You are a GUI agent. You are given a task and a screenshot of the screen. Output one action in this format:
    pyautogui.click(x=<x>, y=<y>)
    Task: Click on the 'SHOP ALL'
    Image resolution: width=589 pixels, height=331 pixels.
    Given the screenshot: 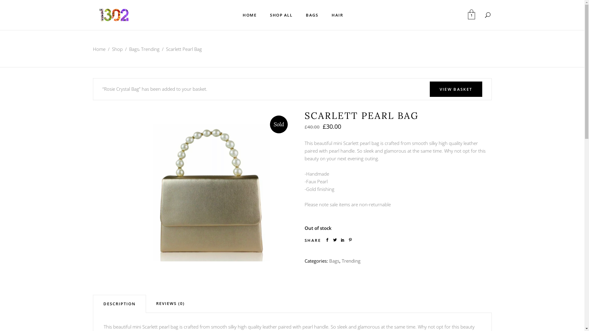 What is the action you would take?
    pyautogui.click(x=281, y=15)
    